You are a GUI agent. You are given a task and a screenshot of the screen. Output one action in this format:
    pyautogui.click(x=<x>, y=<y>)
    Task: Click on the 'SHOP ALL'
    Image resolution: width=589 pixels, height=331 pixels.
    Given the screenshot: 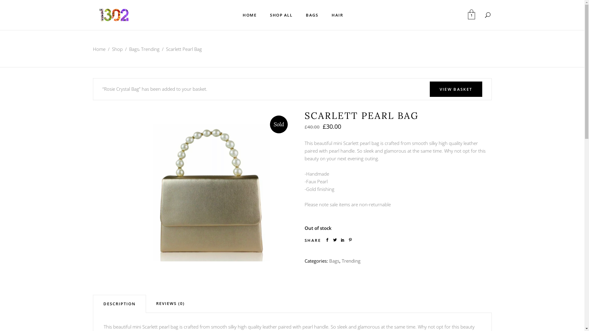 What is the action you would take?
    pyautogui.click(x=281, y=15)
    